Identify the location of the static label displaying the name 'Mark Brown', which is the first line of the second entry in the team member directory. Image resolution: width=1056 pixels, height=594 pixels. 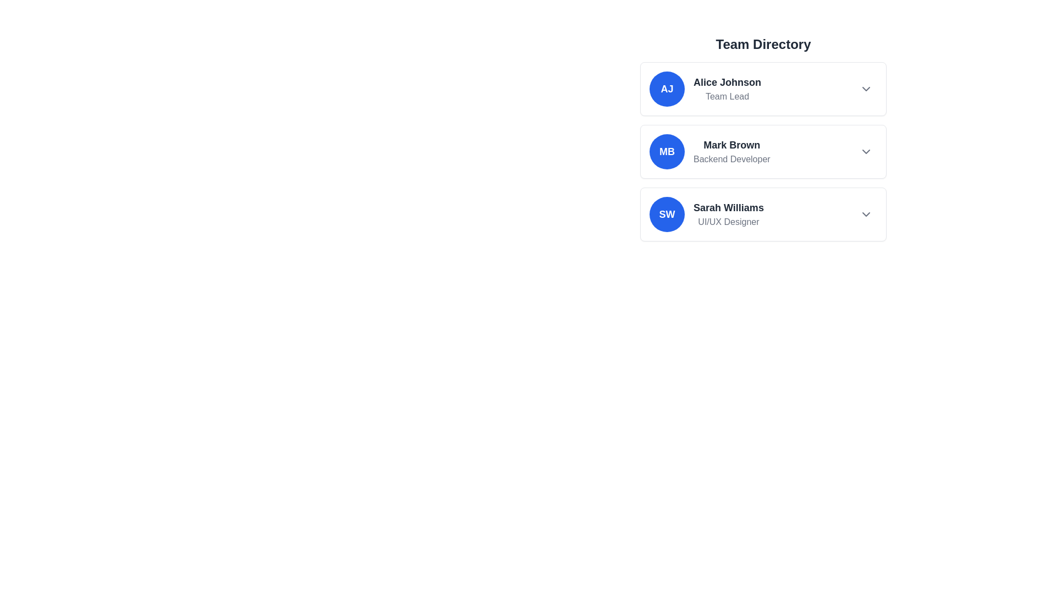
(732, 144).